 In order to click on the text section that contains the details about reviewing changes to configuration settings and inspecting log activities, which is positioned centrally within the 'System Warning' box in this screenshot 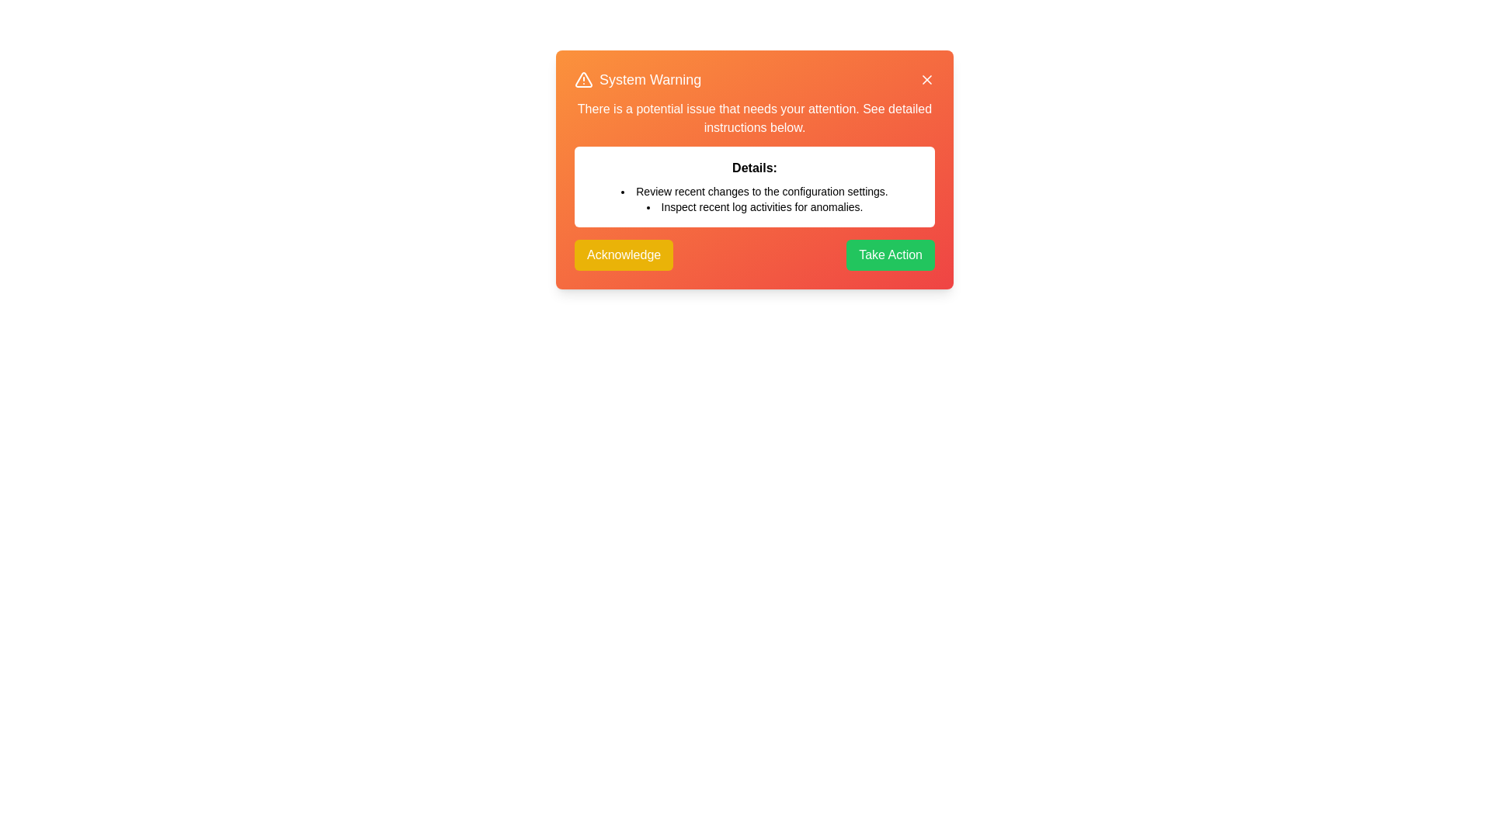, I will do `click(754, 164)`.